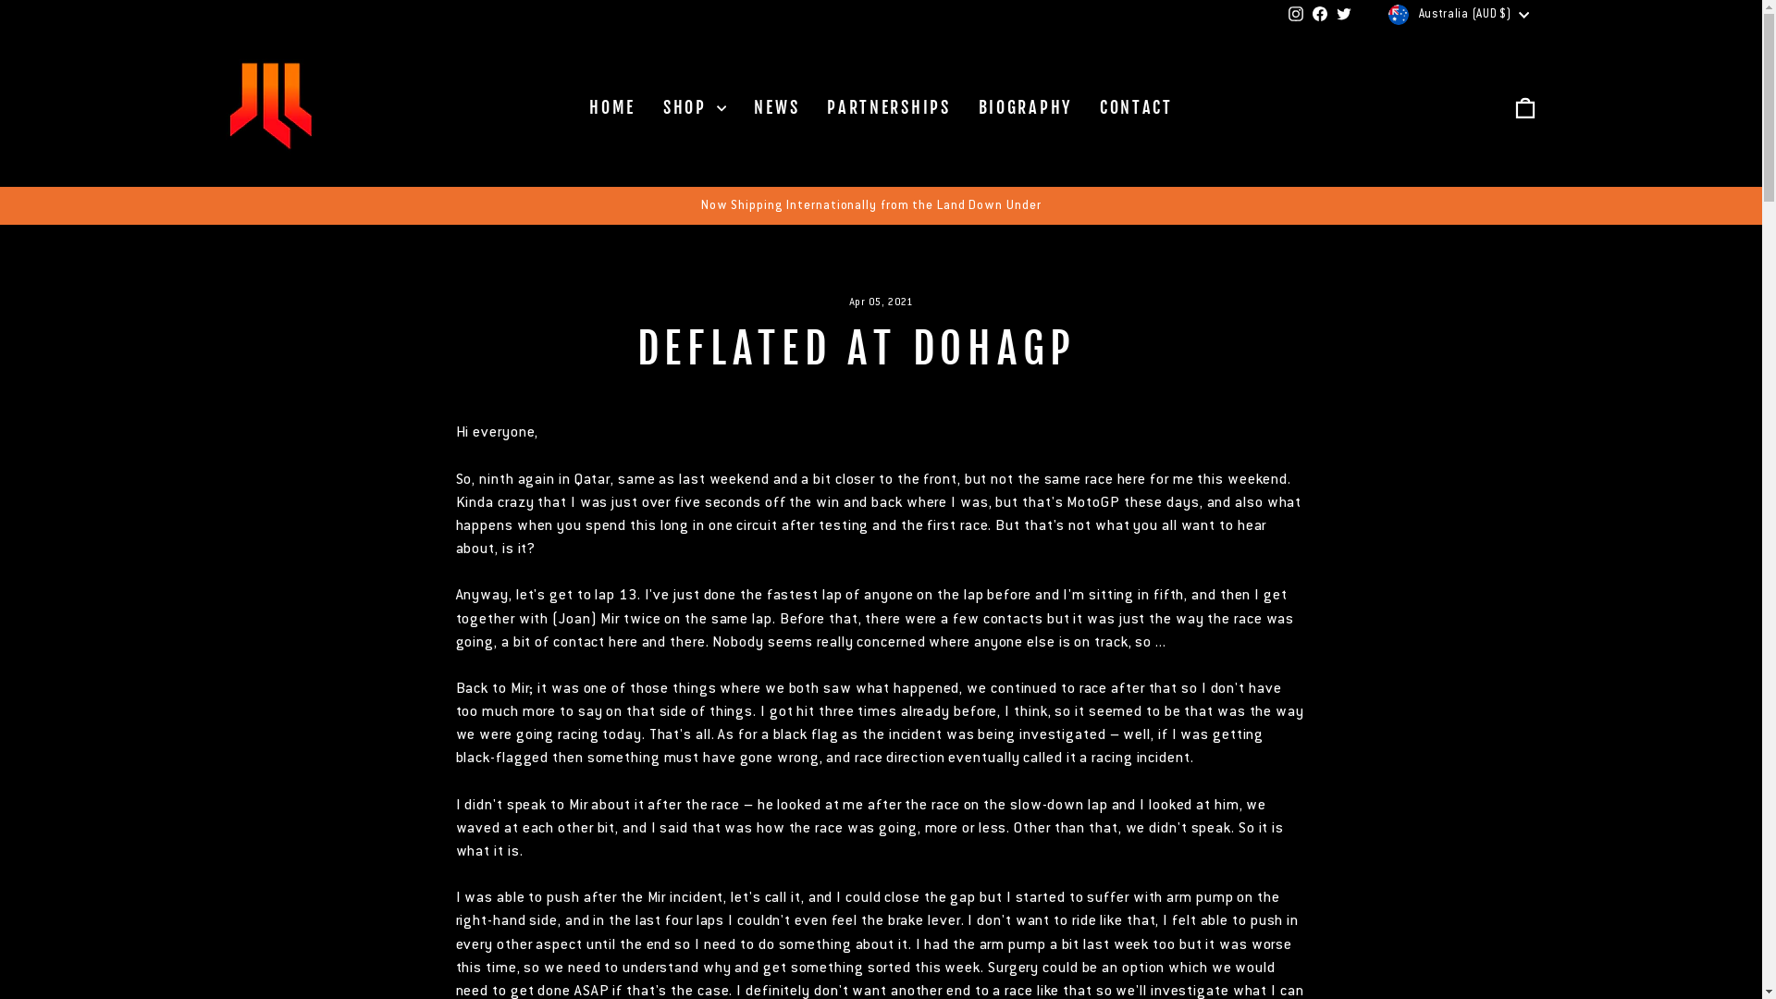 This screenshot has width=1776, height=999. What do you see at coordinates (1332, 14) in the screenshot?
I see `'twitter` at bounding box center [1332, 14].